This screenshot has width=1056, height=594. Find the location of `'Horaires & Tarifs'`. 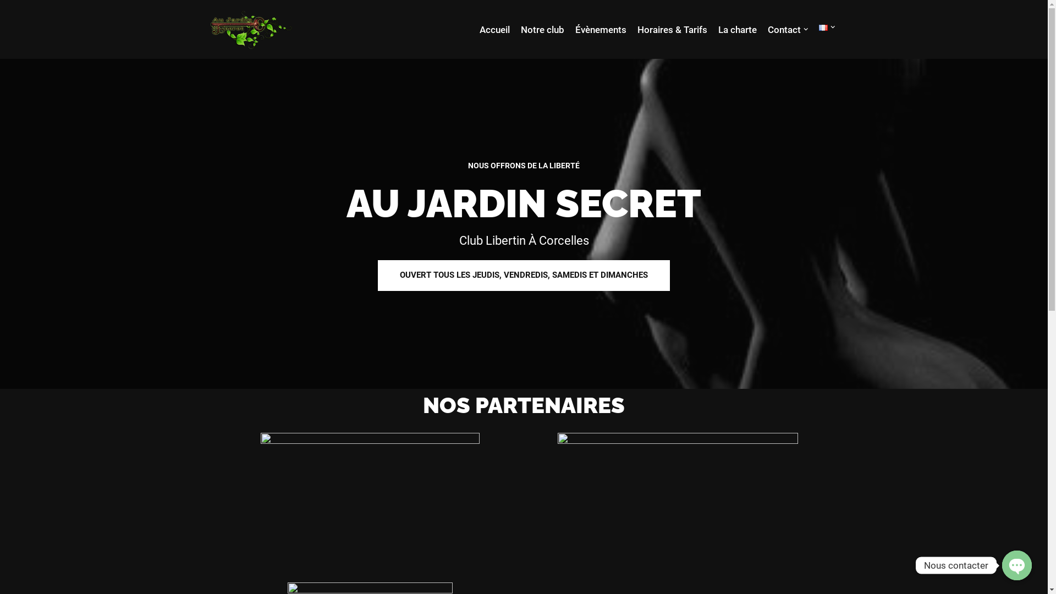

'Horaires & Tarifs' is located at coordinates (671, 29).